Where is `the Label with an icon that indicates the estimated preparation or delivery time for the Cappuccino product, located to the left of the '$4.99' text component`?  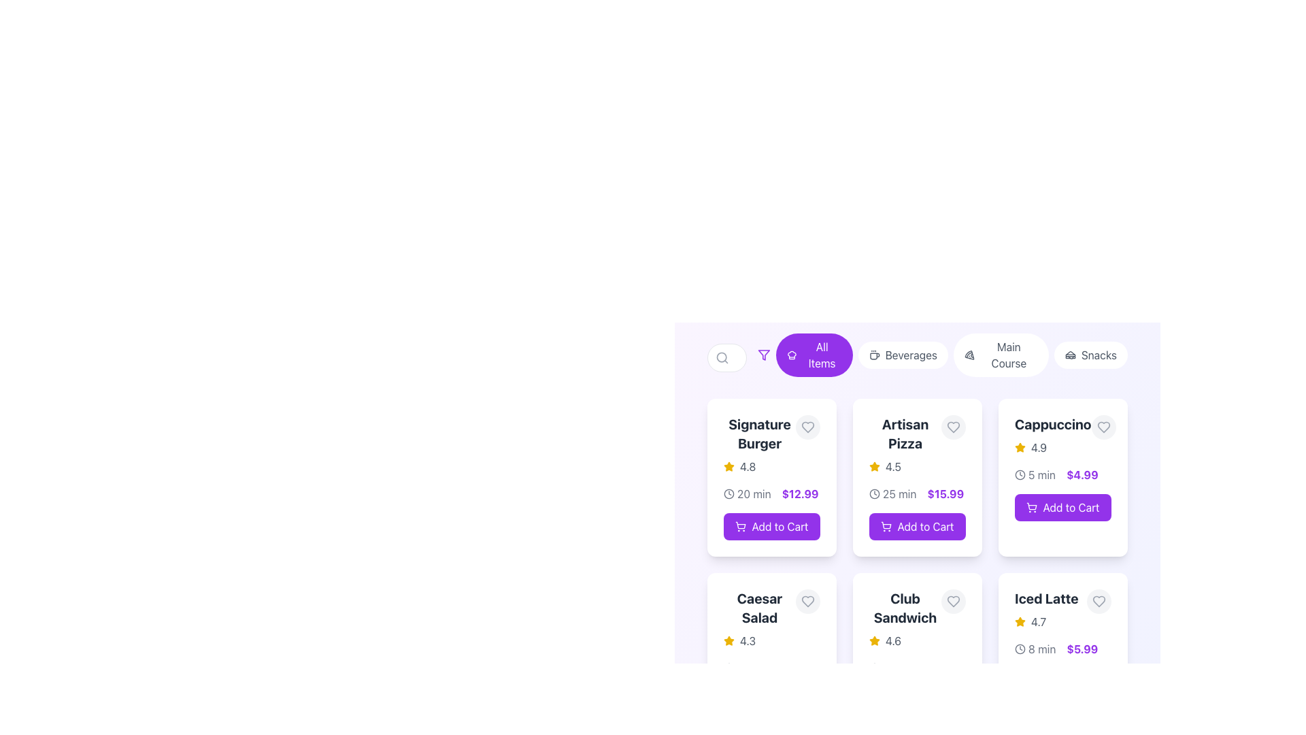 the Label with an icon that indicates the estimated preparation or delivery time for the Cappuccino product, located to the left of the '$4.99' text component is located at coordinates (1034, 474).